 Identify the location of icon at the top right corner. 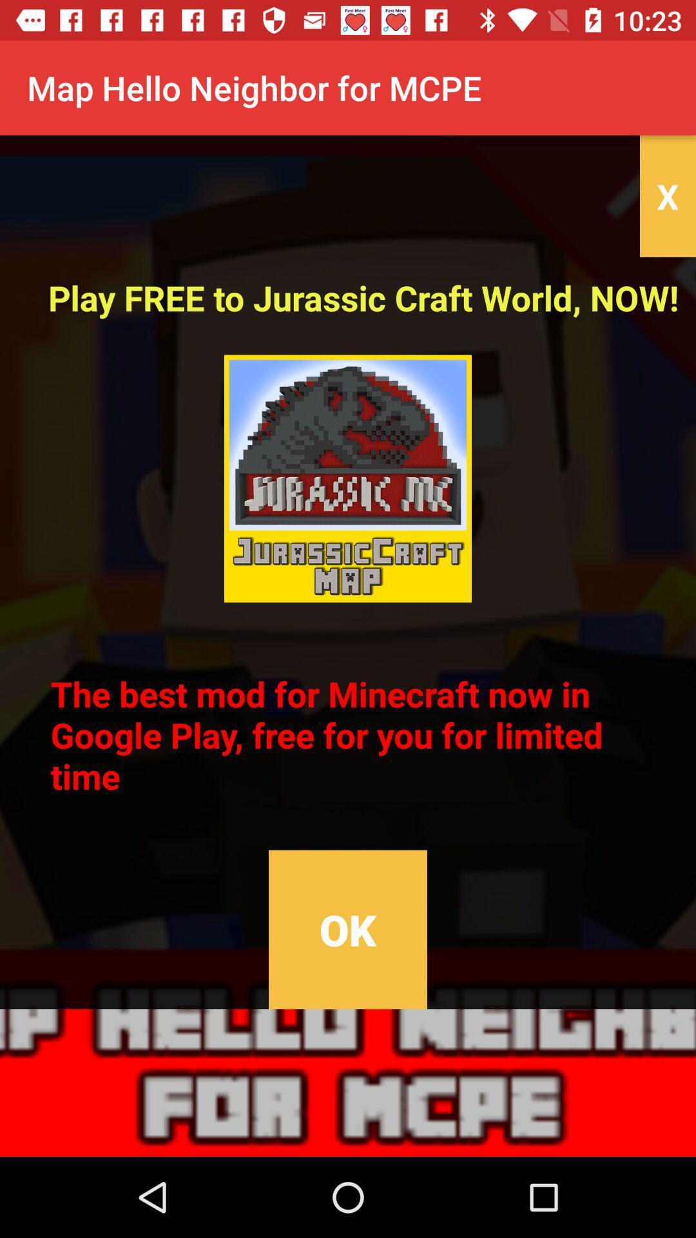
(667, 195).